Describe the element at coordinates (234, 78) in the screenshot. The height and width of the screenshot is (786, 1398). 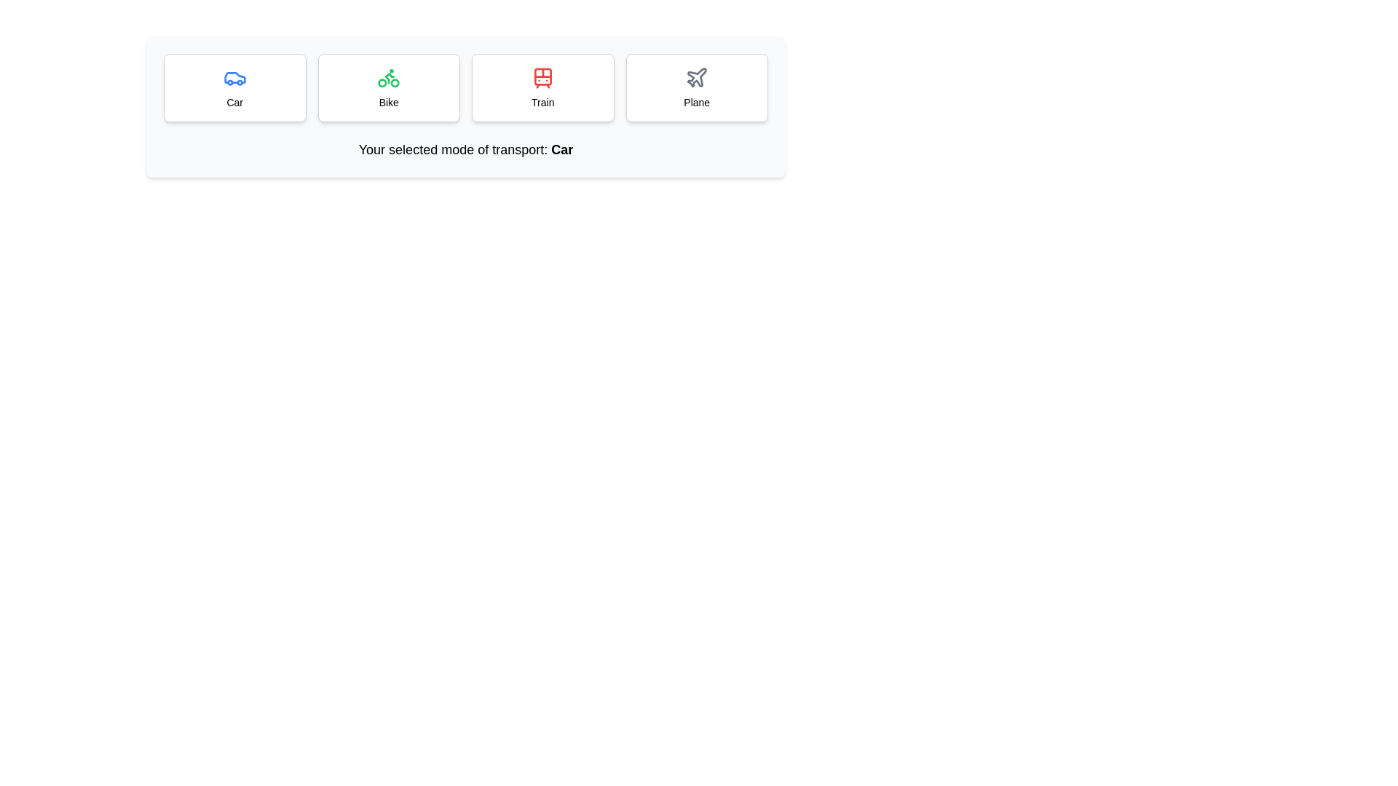
I see `the 'Car' icon located in the upper-left option of the selectable transport modes interface, which is identified by its card-like structure labeled 'Car'` at that location.